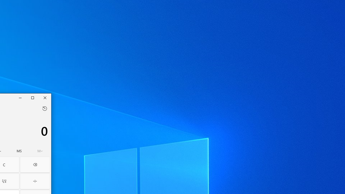 This screenshot has height=194, width=345. What do you see at coordinates (40, 151) in the screenshot?
I see `'Open memory flyout'` at bounding box center [40, 151].